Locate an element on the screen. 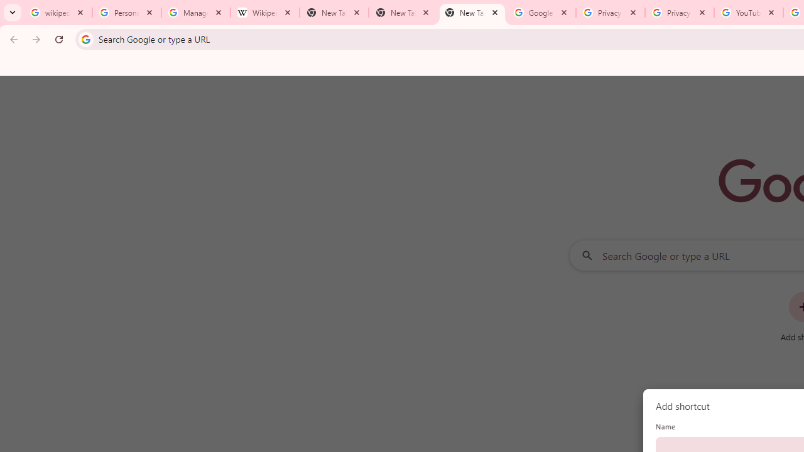  'Personalization & Google Search results - Google Search Help' is located at coordinates (127, 13).